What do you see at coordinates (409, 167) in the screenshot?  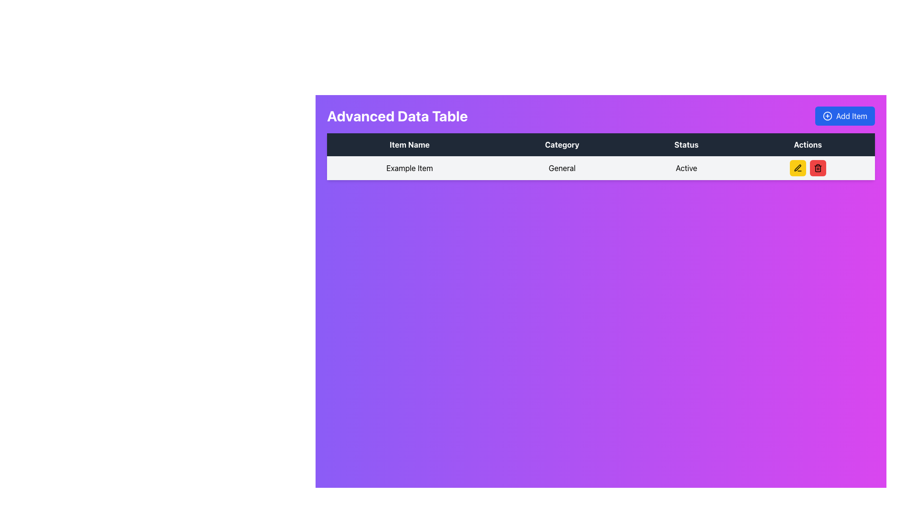 I see `the text label 'Example Item' in the first column of the table, which displays item names` at bounding box center [409, 167].